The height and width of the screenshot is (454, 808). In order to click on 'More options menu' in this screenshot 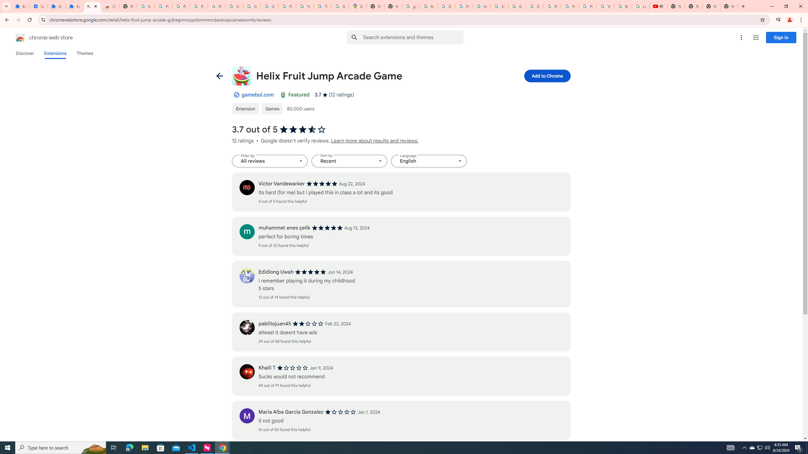, I will do `click(741, 37)`.